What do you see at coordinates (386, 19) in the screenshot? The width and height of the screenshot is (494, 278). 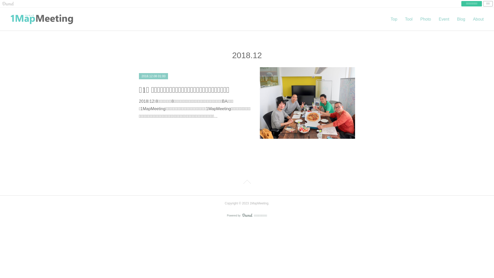 I see `'Top'` at bounding box center [386, 19].